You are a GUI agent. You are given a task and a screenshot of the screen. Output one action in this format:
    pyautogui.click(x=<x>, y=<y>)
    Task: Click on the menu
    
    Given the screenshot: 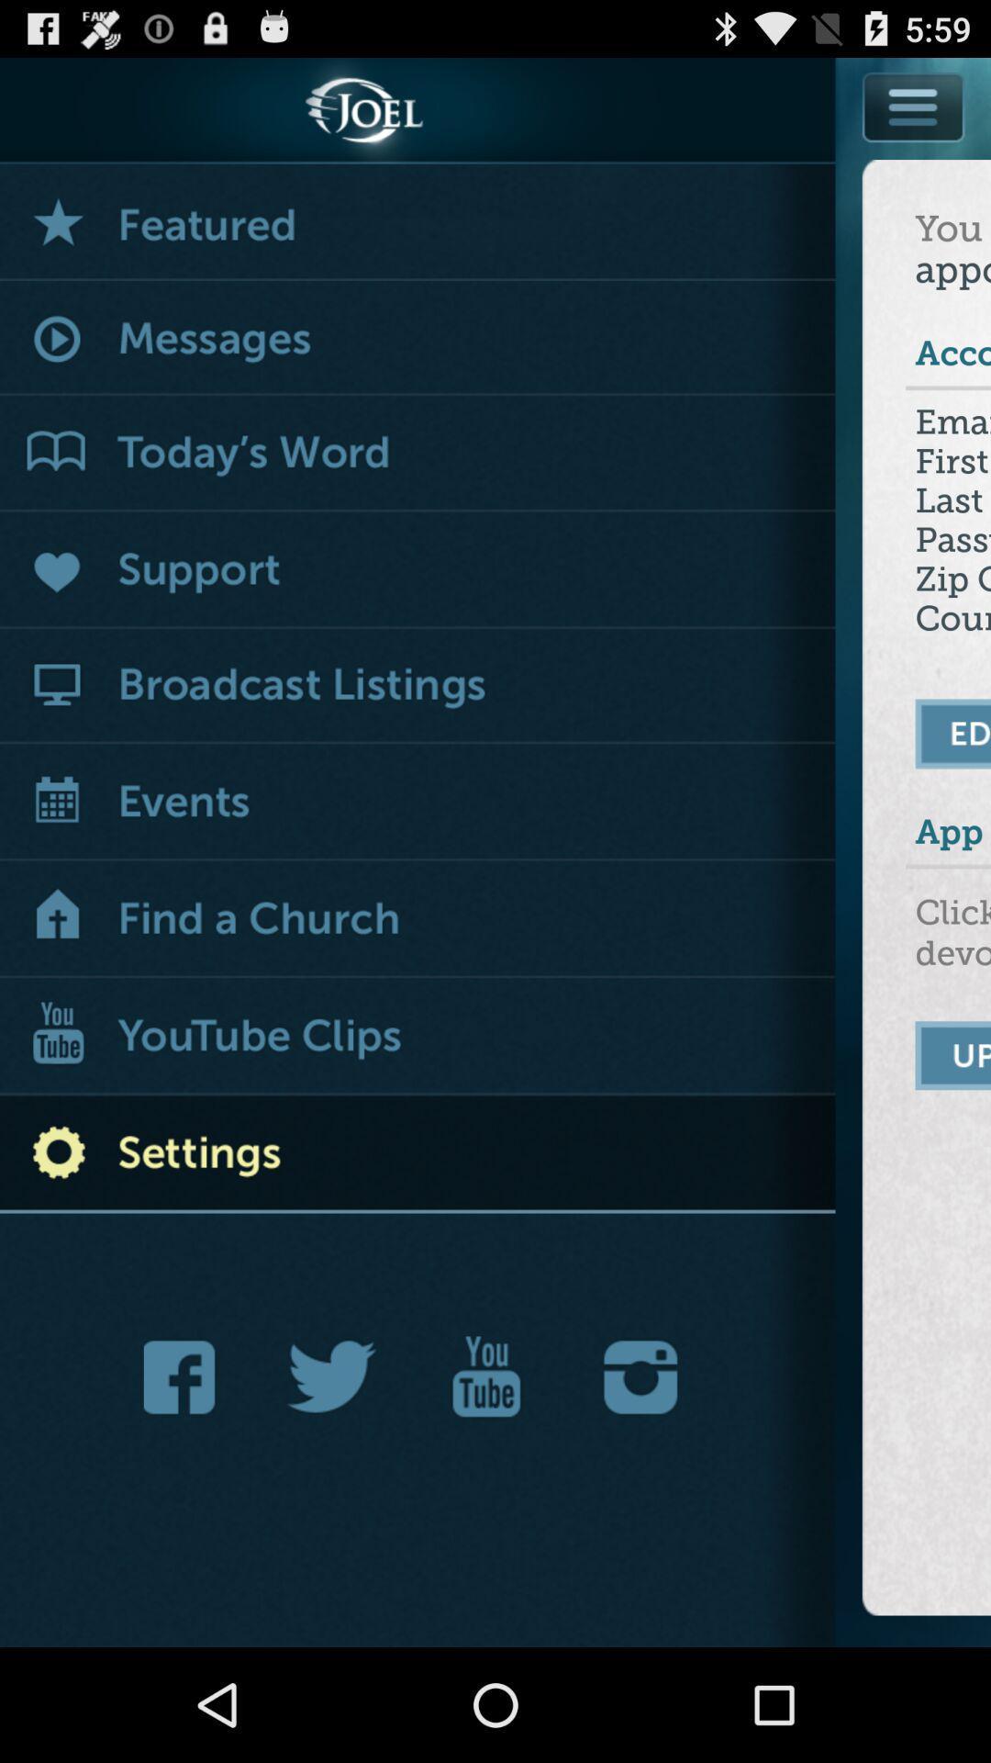 What is the action you would take?
    pyautogui.click(x=913, y=148)
    